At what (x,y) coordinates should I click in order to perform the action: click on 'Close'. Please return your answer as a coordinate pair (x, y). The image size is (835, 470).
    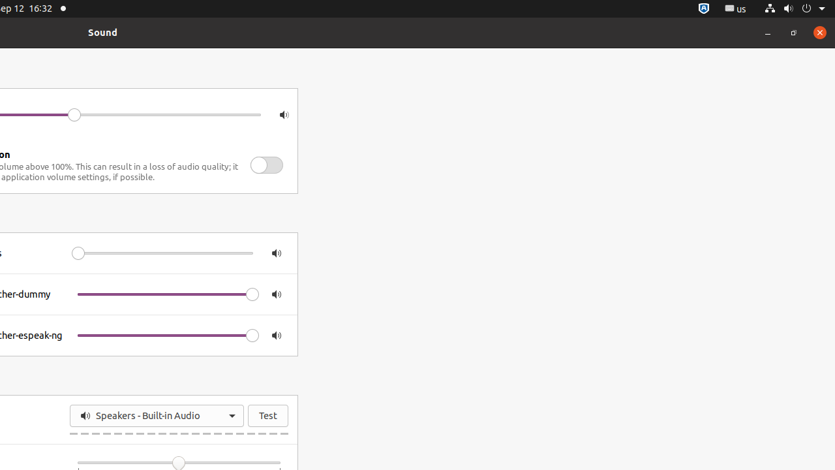
    Looking at the image, I should click on (819, 31).